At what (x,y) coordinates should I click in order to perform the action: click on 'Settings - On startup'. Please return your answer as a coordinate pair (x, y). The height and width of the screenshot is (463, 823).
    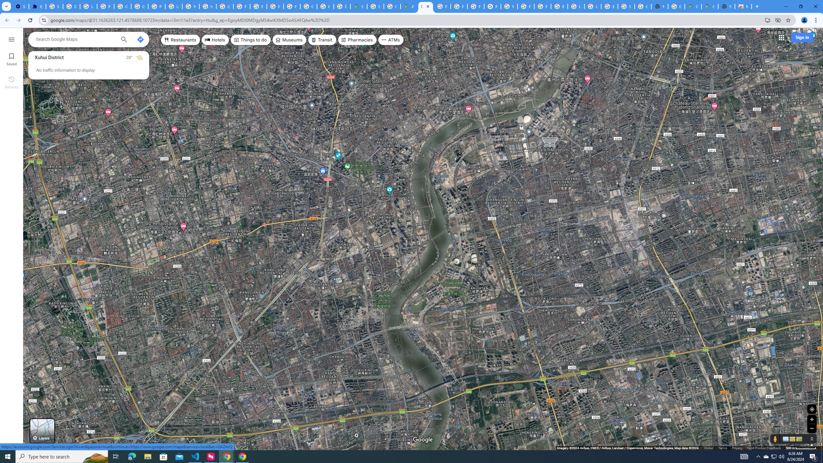
    Looking at the image, I should click on (21, 6).